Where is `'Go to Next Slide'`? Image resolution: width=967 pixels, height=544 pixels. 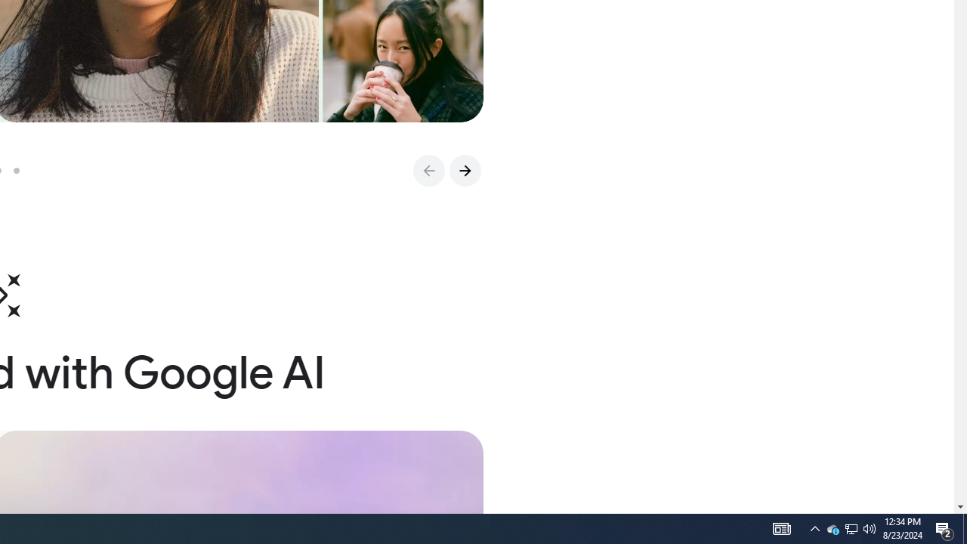 'Go to Next Slide' is located at coordinates (464, 170).